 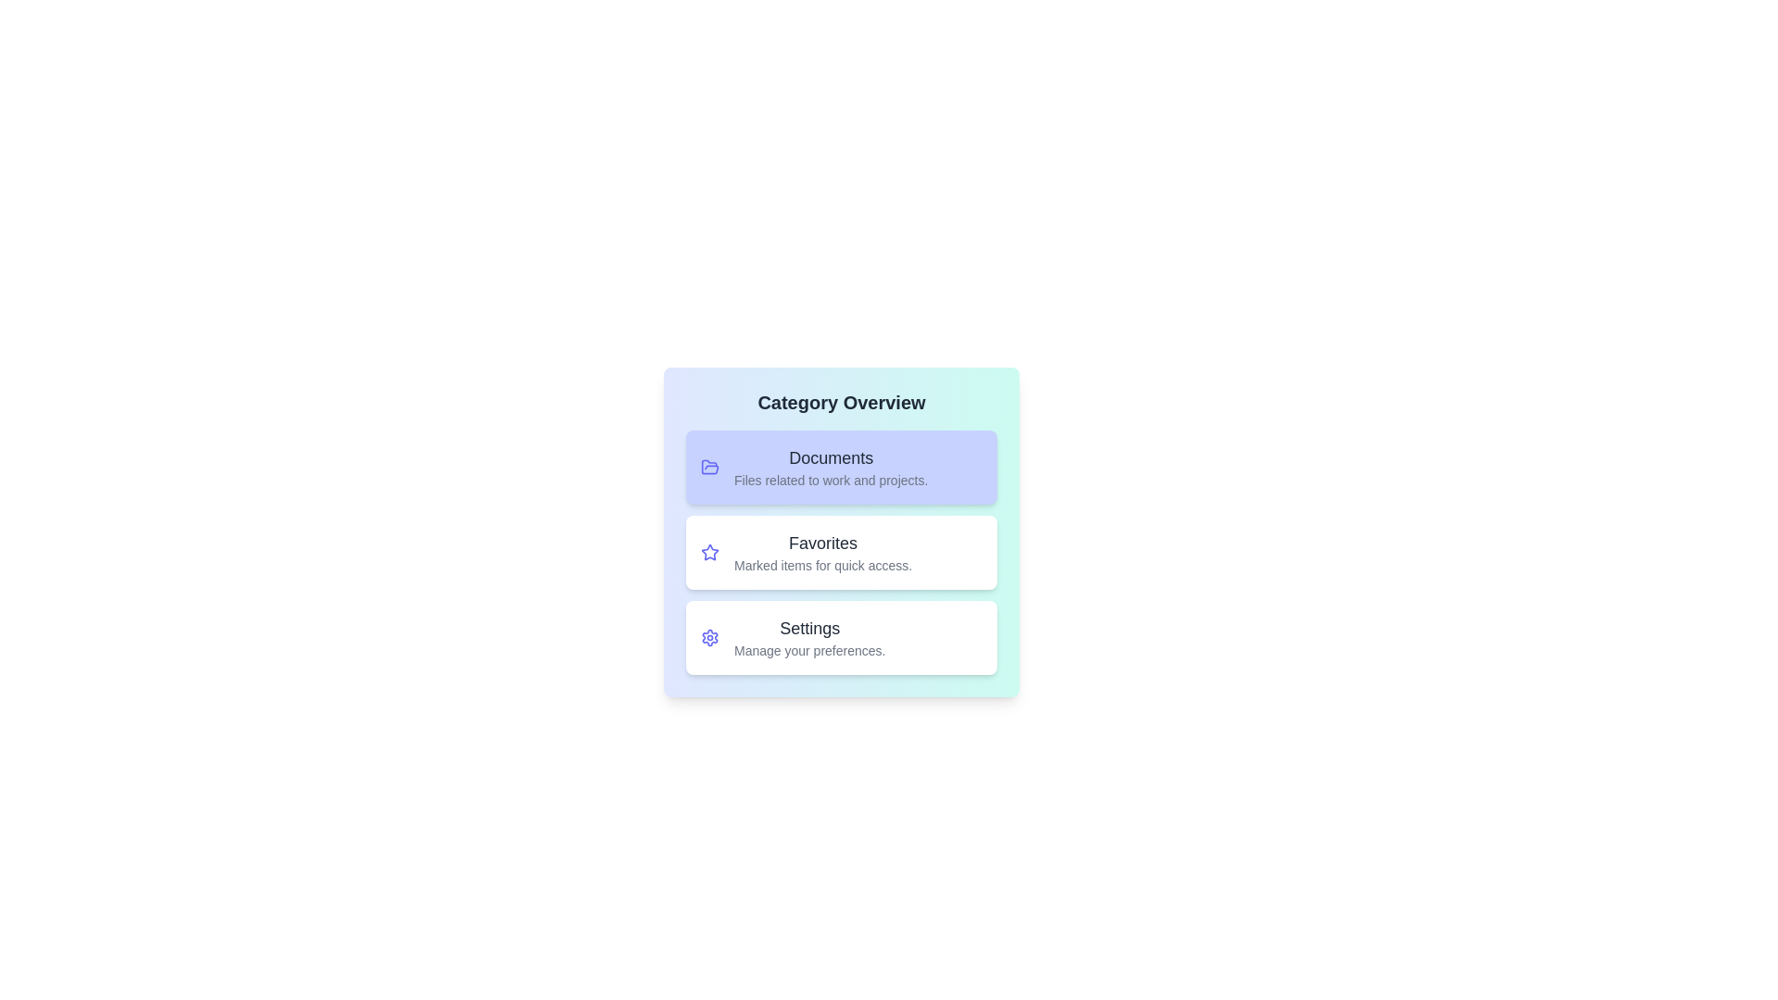 What do you see at coordinates (840, 637) in the screenshot?
I see `the category Settings from the list` at bounding box center [840, 637].